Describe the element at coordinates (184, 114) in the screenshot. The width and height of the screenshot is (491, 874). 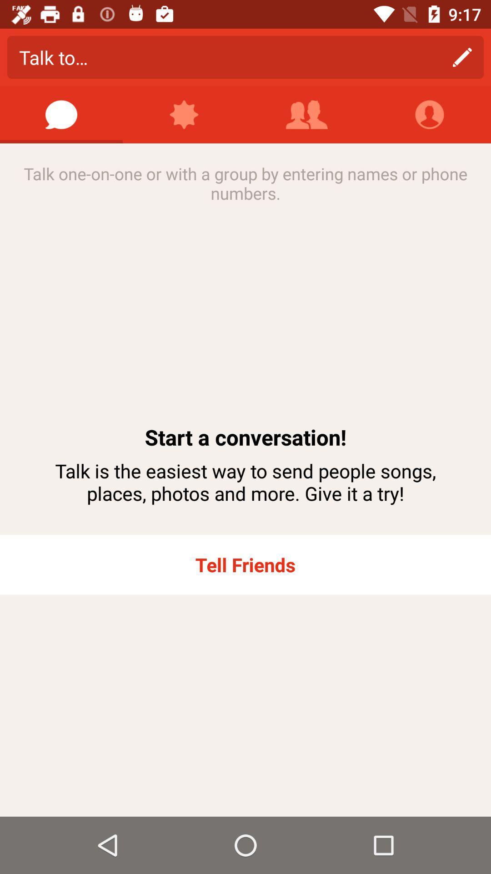
I see `the icon above talk one on app` at that location.